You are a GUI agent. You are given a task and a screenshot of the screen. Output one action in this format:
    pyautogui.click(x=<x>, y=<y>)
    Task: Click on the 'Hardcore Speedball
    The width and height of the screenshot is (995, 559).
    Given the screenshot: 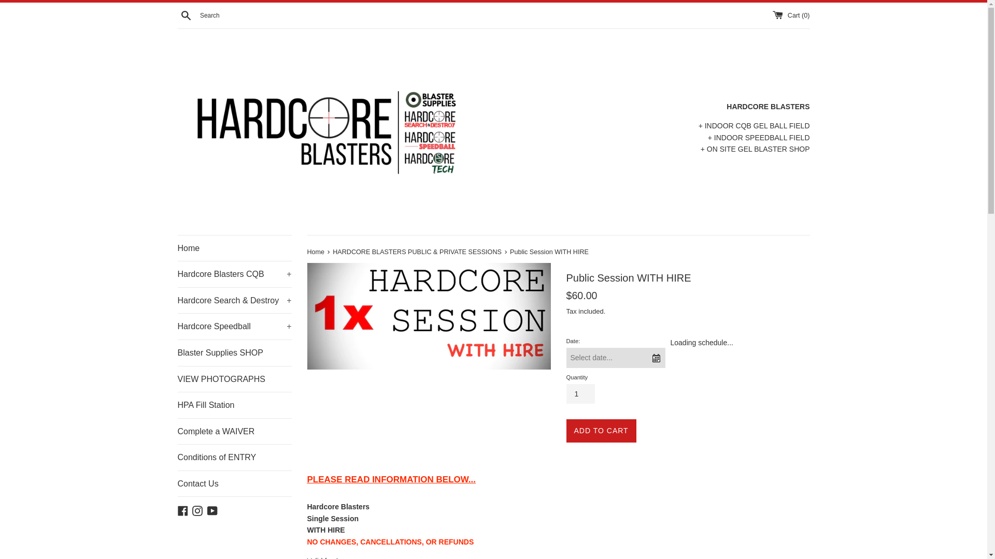 What is the action you would take?
    pyautogui.click(x=177, y=327)
    